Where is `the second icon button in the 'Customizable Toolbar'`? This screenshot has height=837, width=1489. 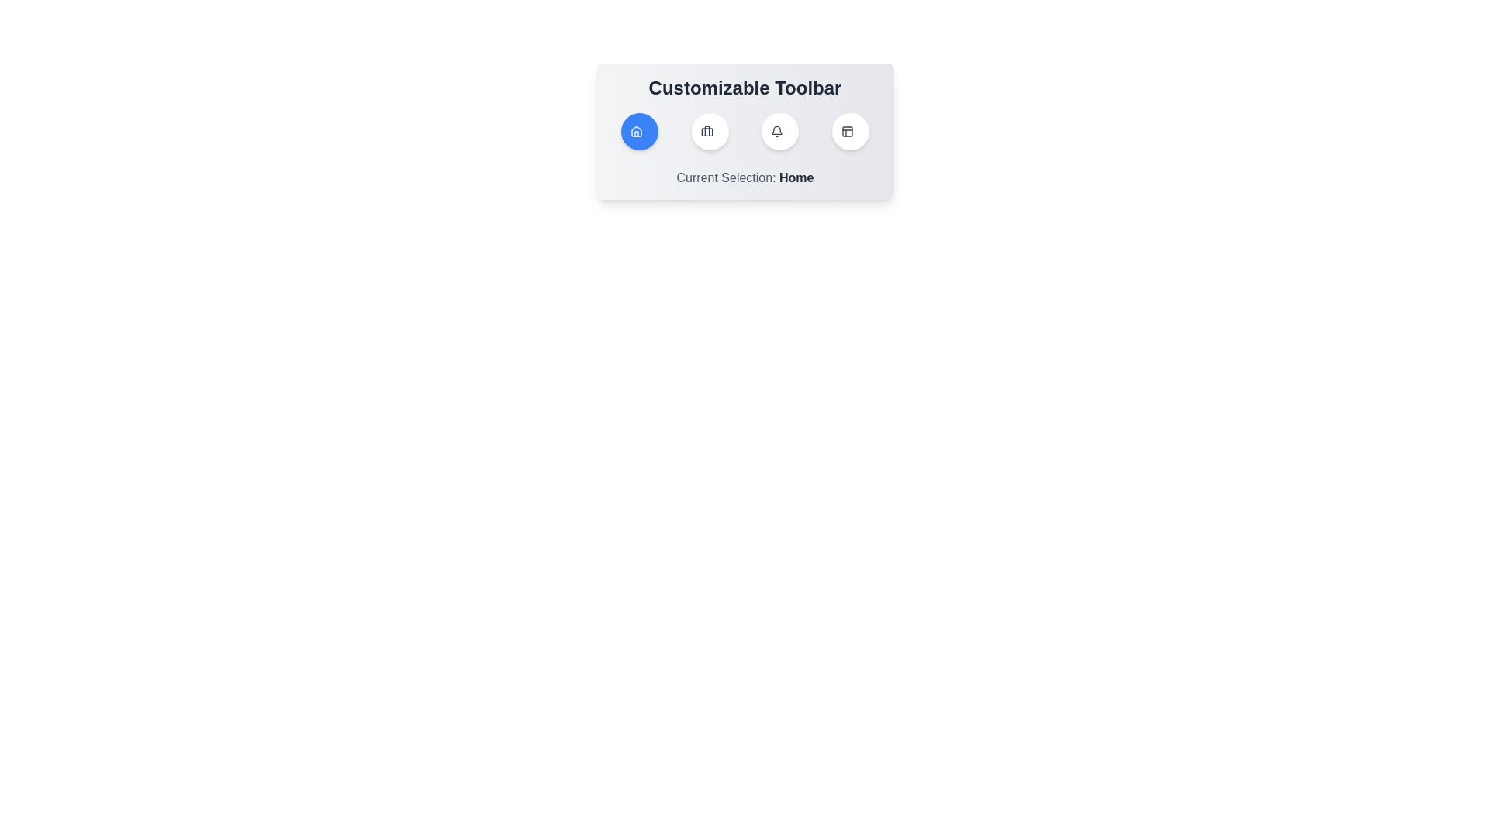
the second icon button in the 'Customizable Toolbar' is located at coordinates (709, 130).